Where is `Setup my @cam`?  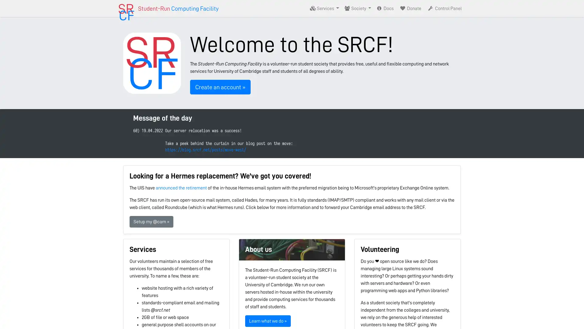
Setup my @cam is located at coordinates (151, 221).